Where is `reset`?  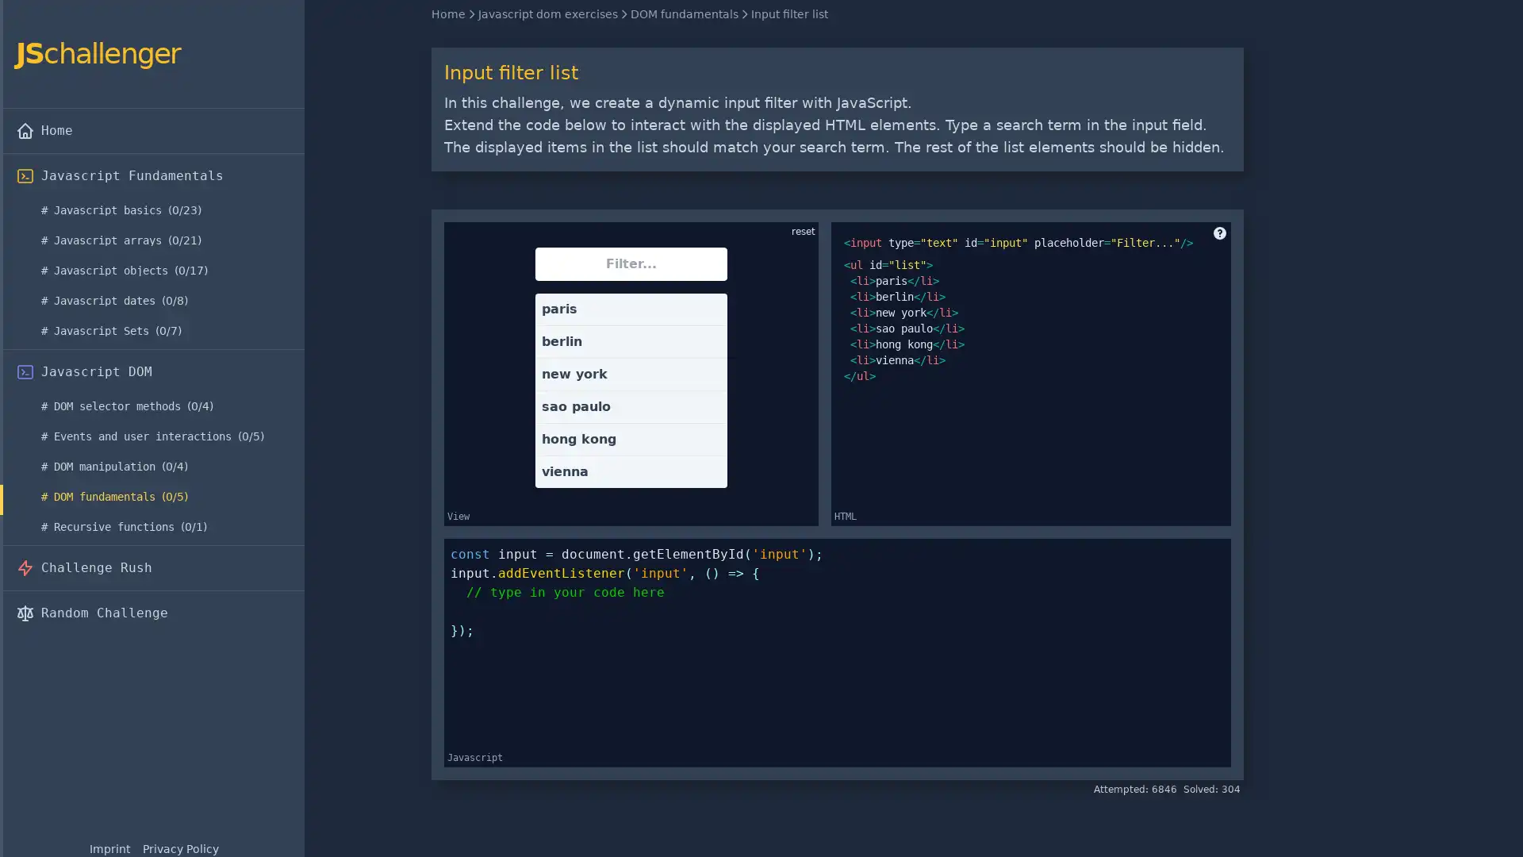
reset is located at coordinates (803, 232).